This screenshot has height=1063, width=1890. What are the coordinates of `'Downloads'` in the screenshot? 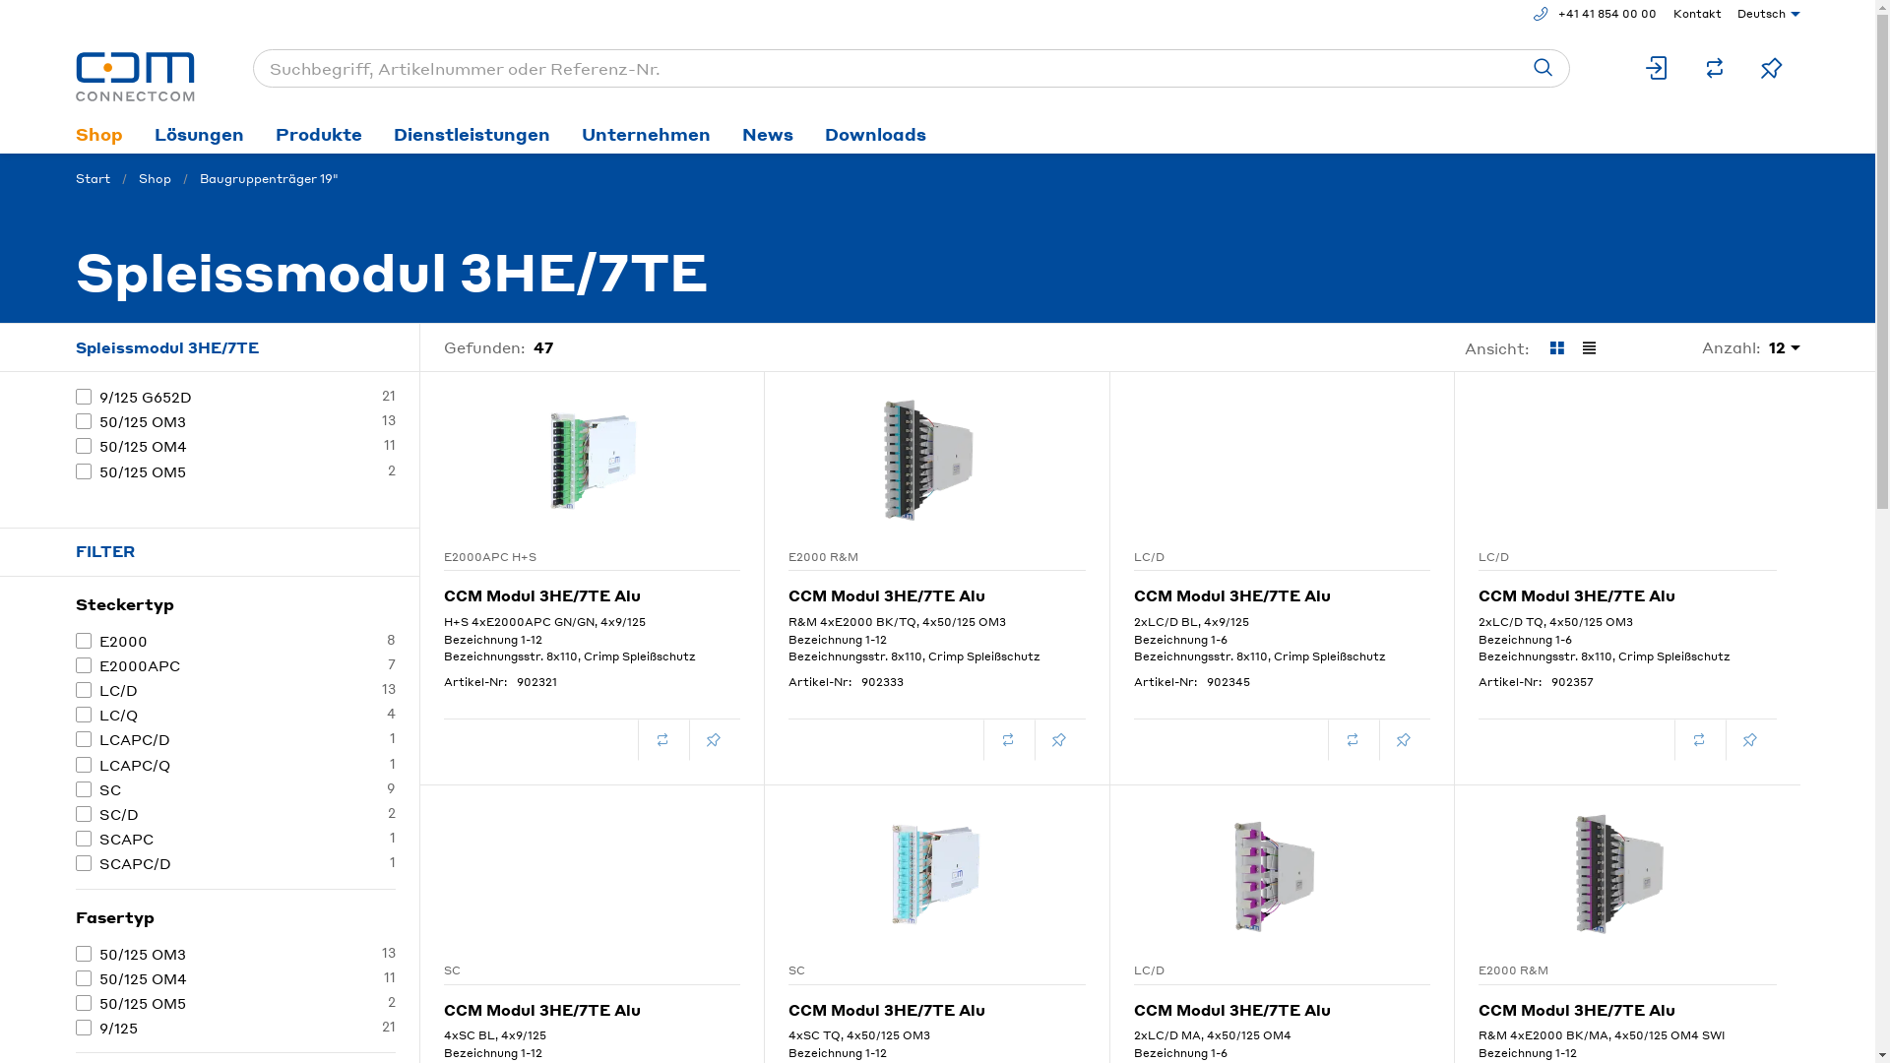 It's located at (874, 133).